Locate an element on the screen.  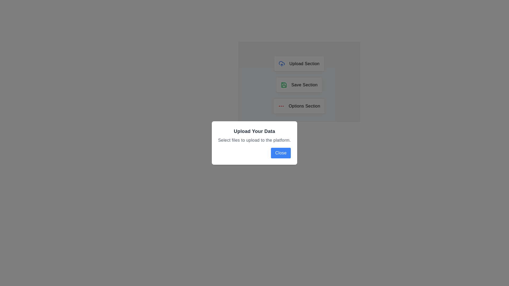
the ellipsis icon button located in the 'Options Section' card at the bottom of the three vertically stacked cards to trigger hover-based effects is located at coordinates (281, 106).